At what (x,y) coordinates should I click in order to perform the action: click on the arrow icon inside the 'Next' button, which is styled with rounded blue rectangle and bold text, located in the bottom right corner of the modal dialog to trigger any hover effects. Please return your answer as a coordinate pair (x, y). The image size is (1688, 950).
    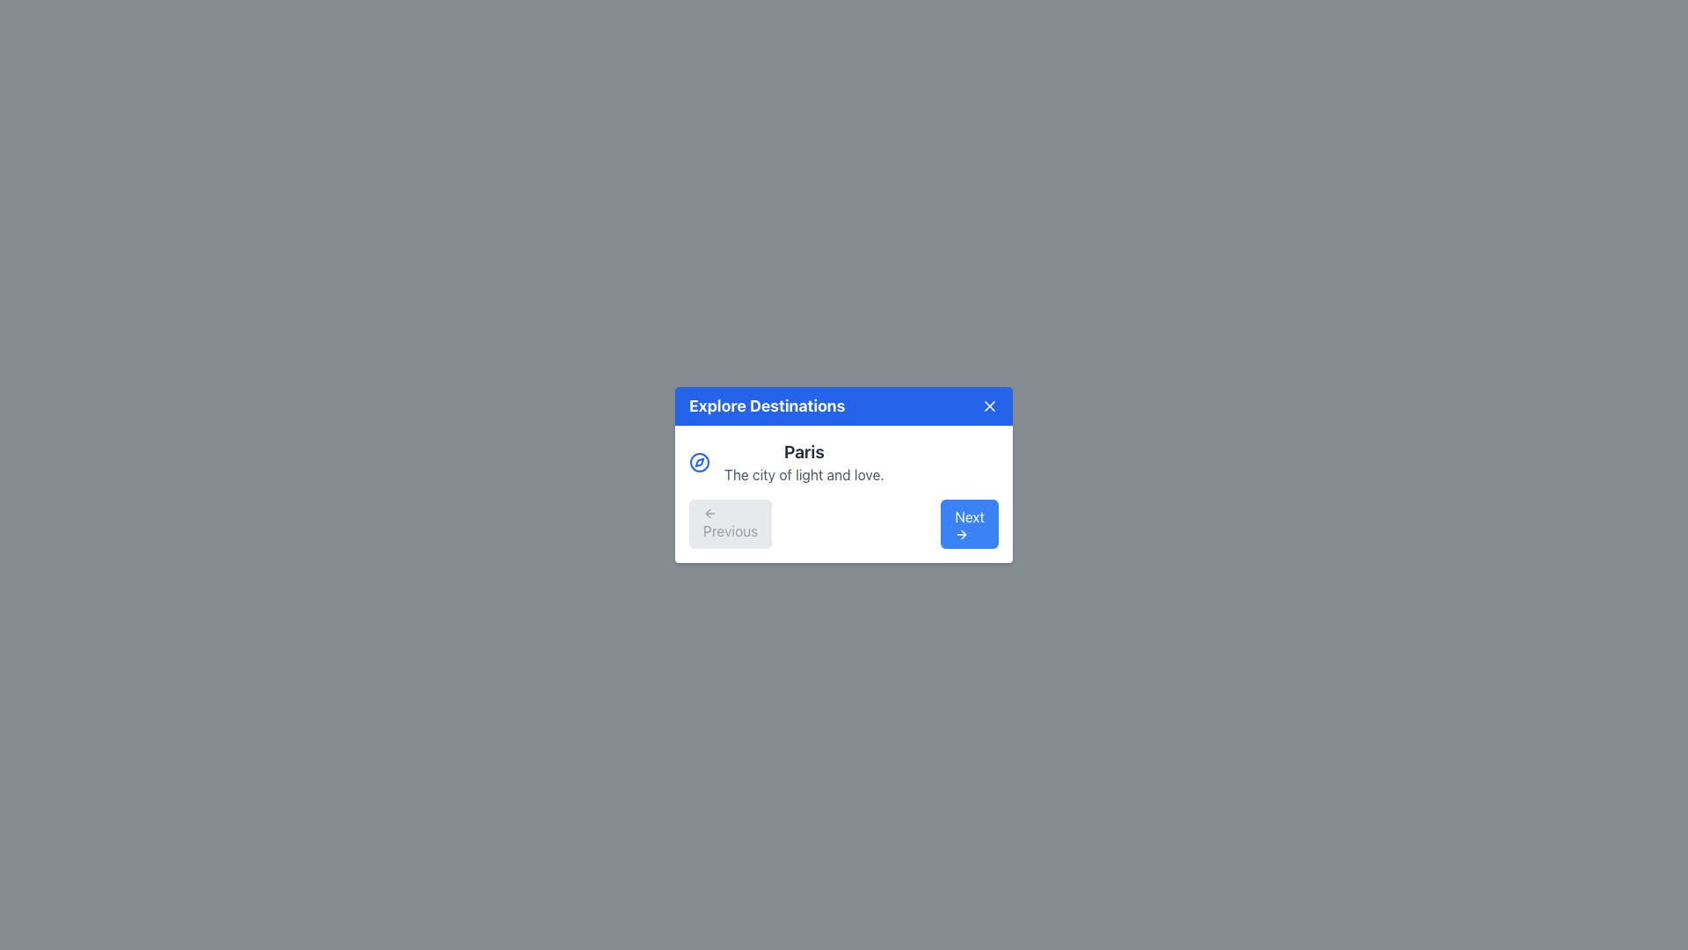
    Looking at the image, I should click on (963, 534).